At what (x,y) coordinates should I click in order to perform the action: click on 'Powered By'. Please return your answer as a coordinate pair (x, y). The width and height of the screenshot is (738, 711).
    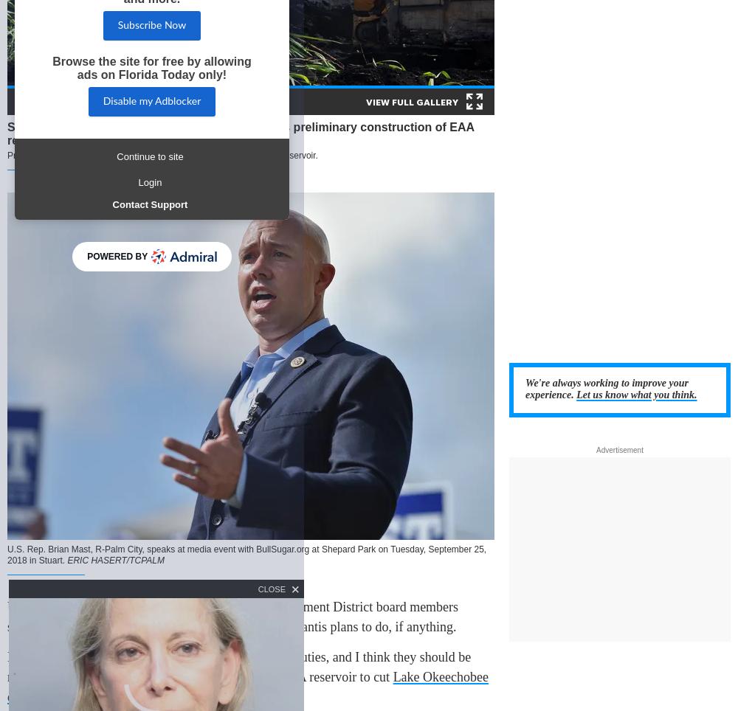
    Looking at the image, I should click on (117, 255).